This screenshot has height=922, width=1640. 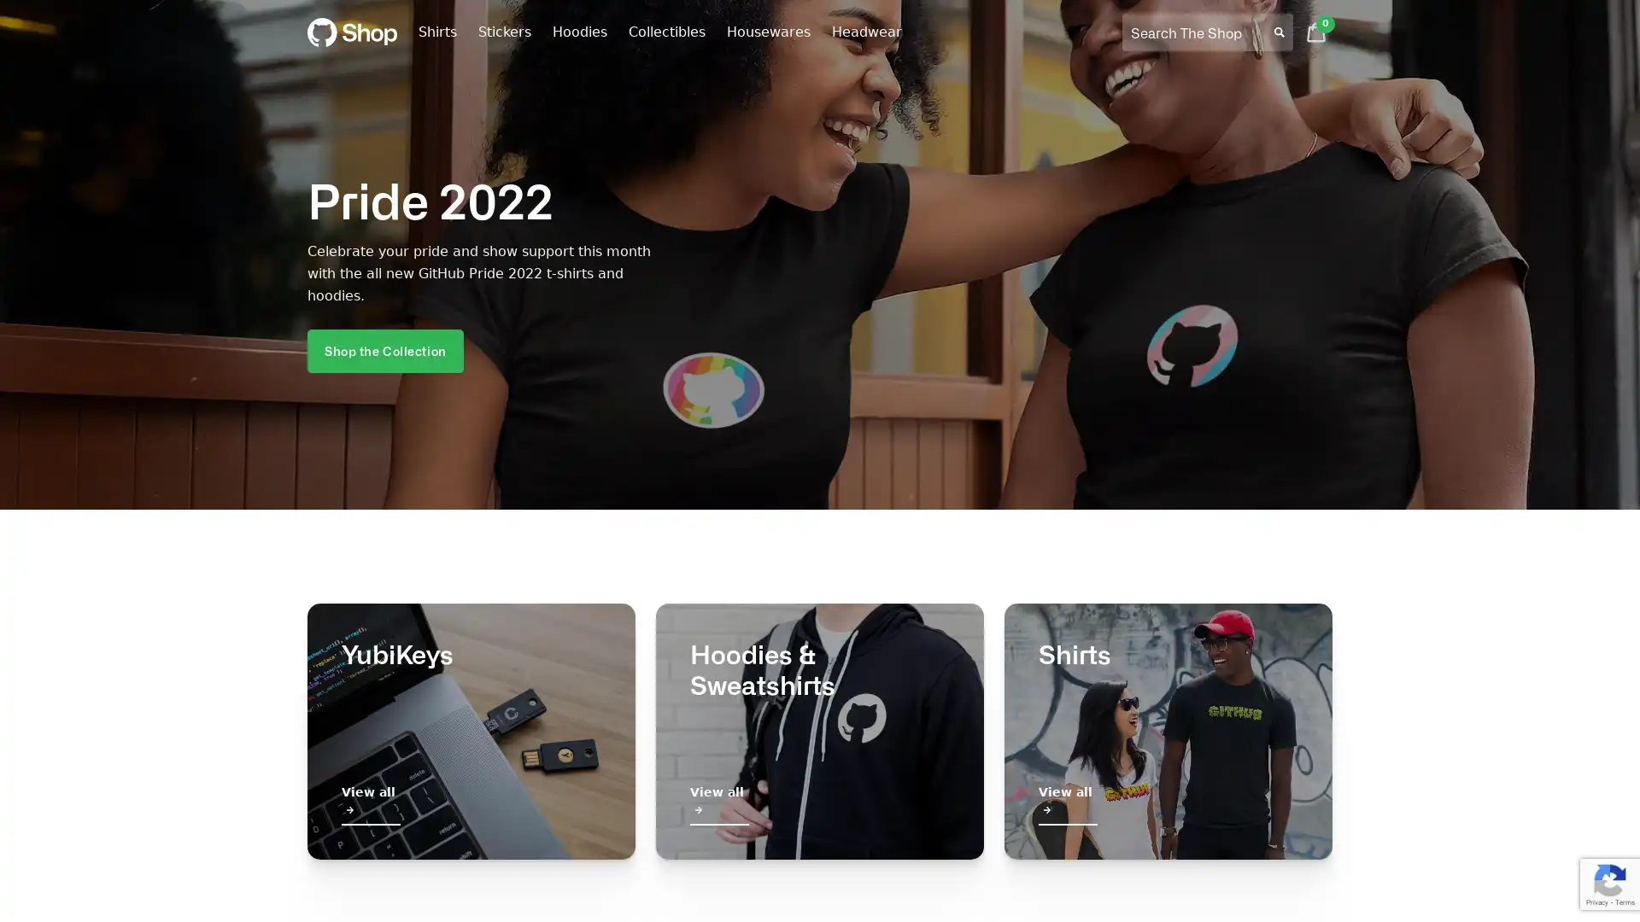 What do you see at coordinates (384, 349) in the screenshot?
I see `Shop the Collection` at bounding box center [384, 349].